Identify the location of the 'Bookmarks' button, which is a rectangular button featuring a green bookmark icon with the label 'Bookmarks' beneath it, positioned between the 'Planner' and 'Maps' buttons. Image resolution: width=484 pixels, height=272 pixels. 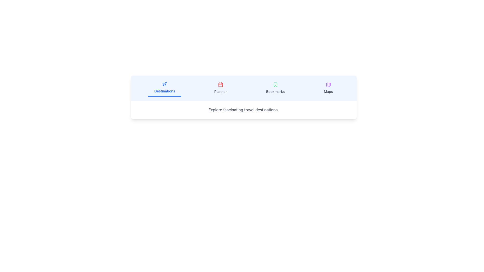
(275, 88).